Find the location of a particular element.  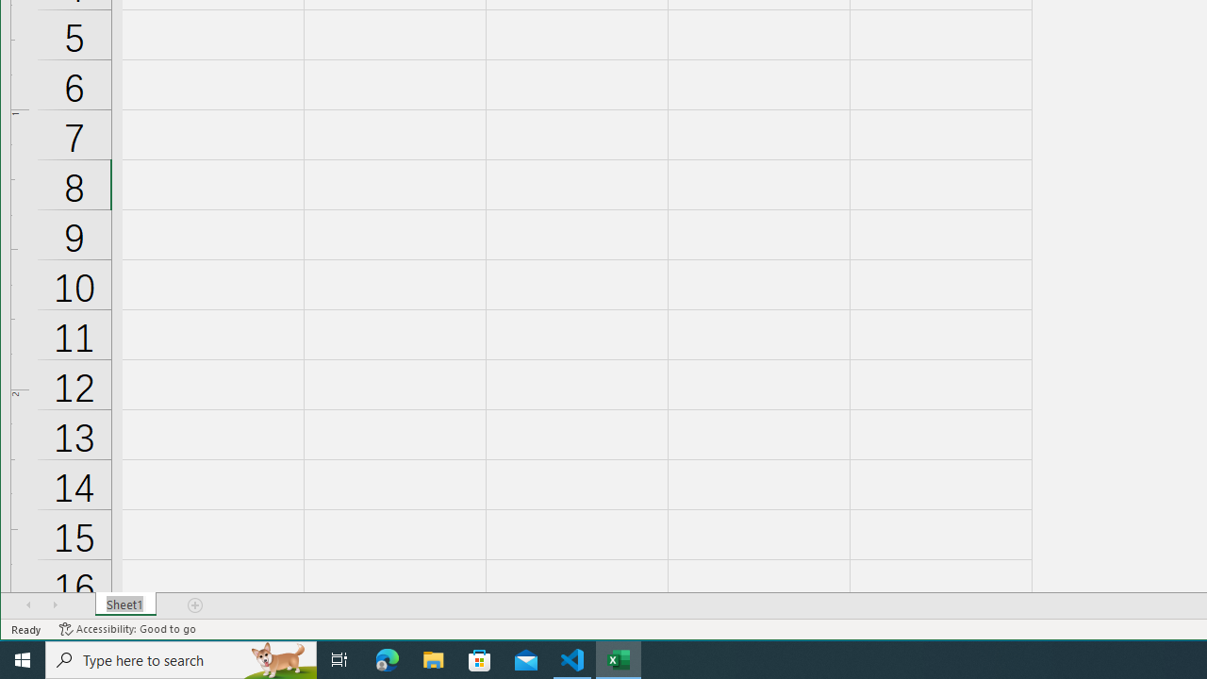

'Sheet1' is located at coordinates (124, 604).